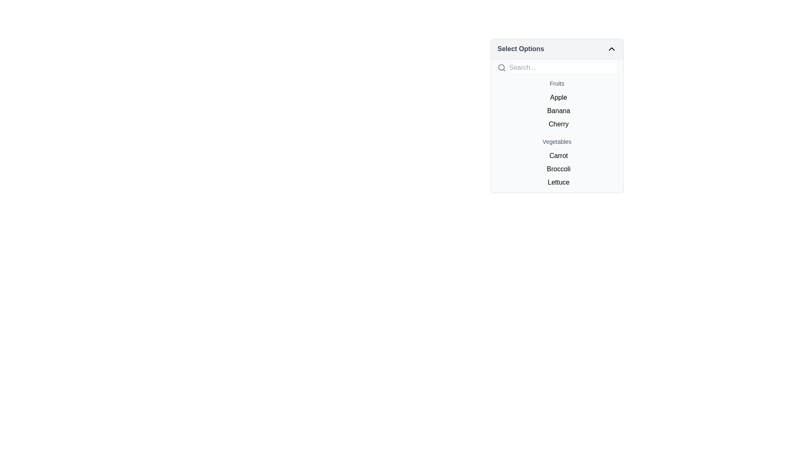 This screenshot has width=799, height=449. What do you see at coordinates (558, 124) in the screenshot?
I see `the text label 'Cherry' which is the third item in the 'Fruits' section of a dropdown menu, positioned below 'Banana'` at bounding box center [558, 124].